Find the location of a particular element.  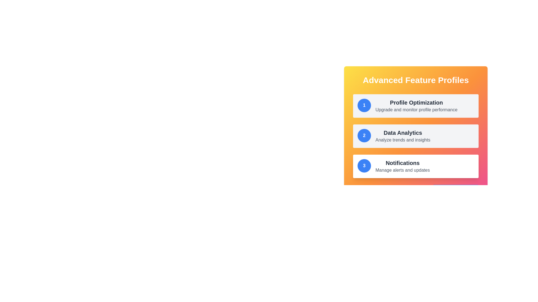

the bold heading text 'Data Analytics' located in the second section of a vertically arranged list, which is accompanied by a blue circular number icon labeled '2' is located at coordinates (402, 133).